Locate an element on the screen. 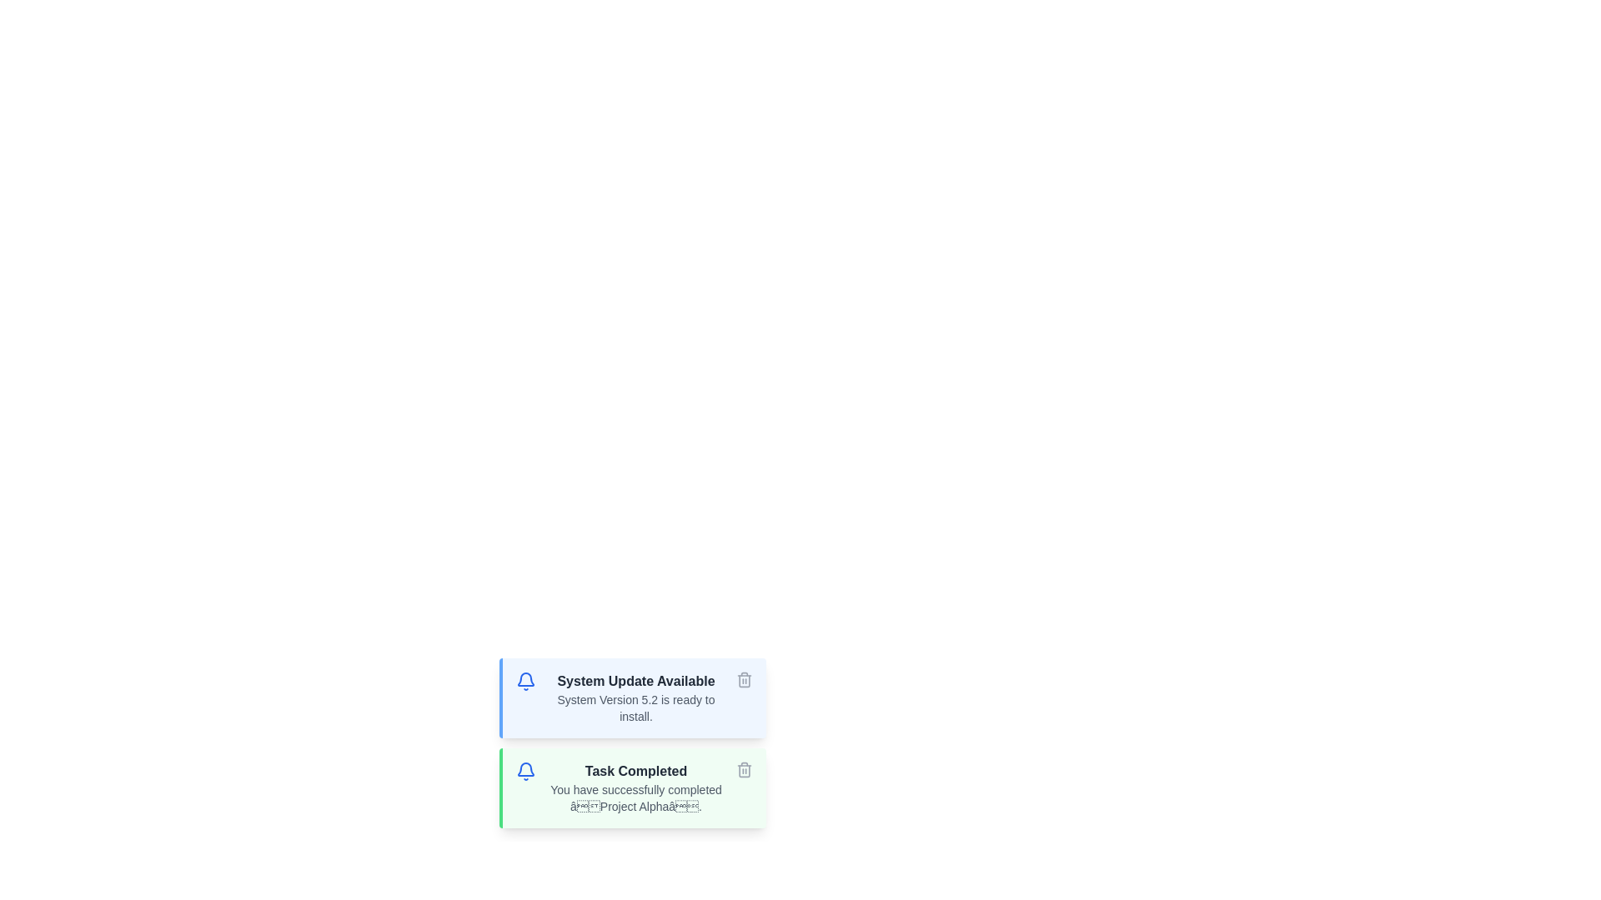  close button on the notification to remove it is located at coordinates (743, 680).